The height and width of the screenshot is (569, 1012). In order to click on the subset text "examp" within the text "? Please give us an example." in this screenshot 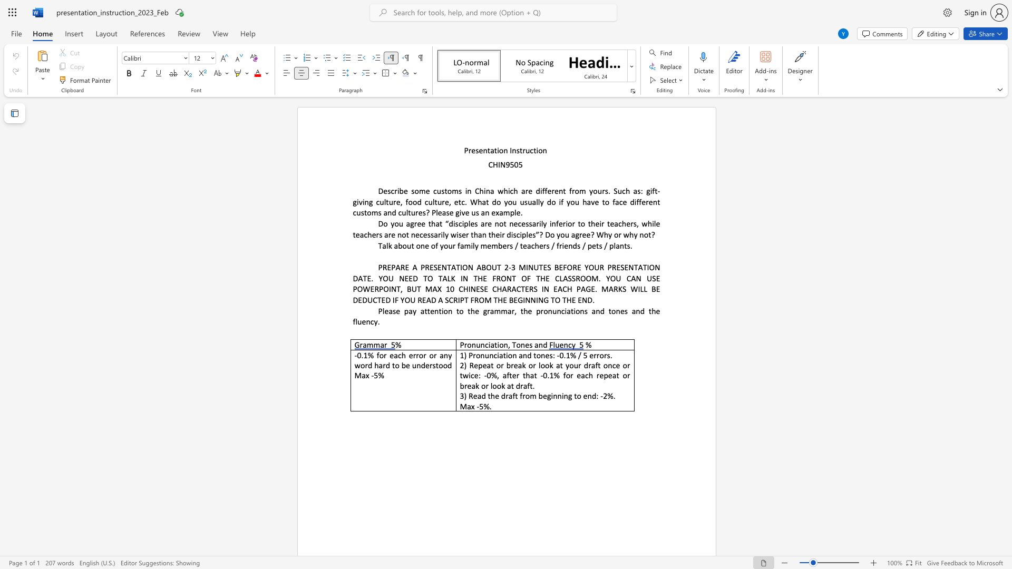, I will do `click(491, 212)`.